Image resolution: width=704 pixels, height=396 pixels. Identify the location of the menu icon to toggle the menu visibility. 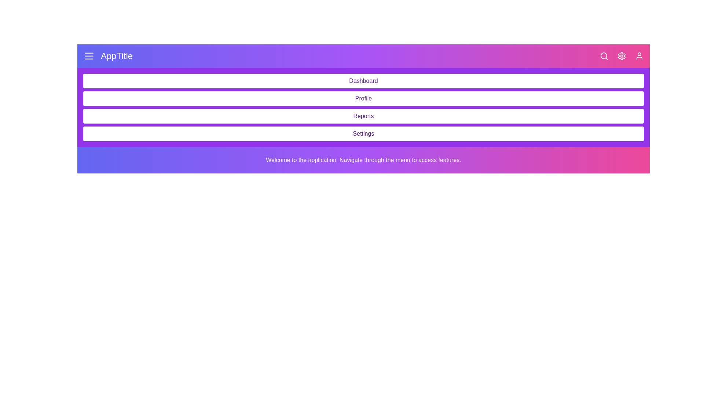
(89, 56).